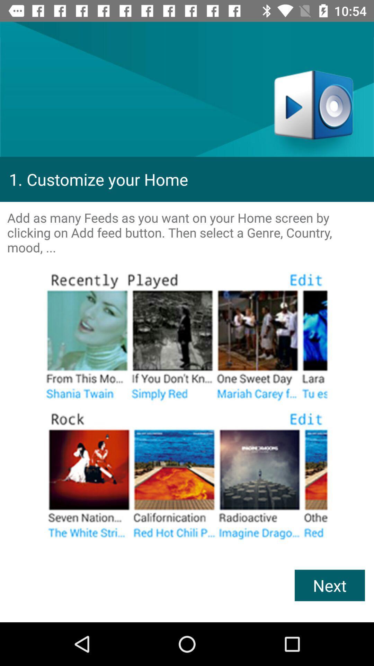 This screenshot has width=374, height=666. What do you see at coordinates (329, 585) in the screenshot?
I see `next icon` at bounding box center [329, 585].